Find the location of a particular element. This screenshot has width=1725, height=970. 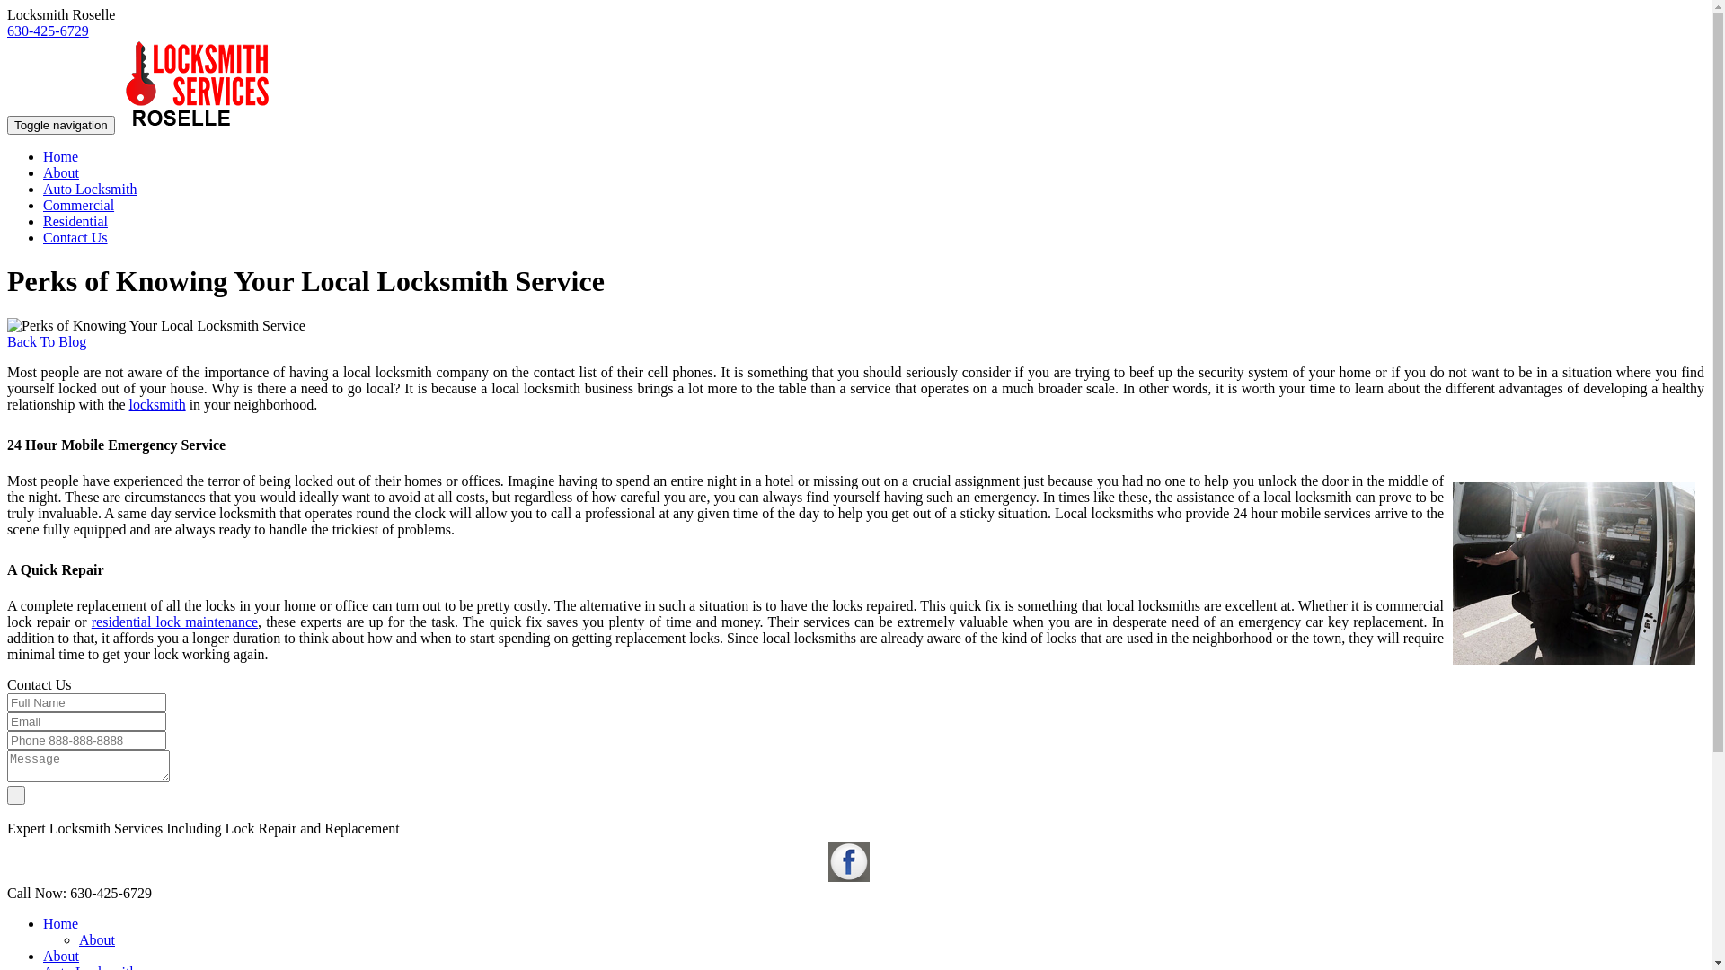

'Home' is located at coordinates (60, 155).